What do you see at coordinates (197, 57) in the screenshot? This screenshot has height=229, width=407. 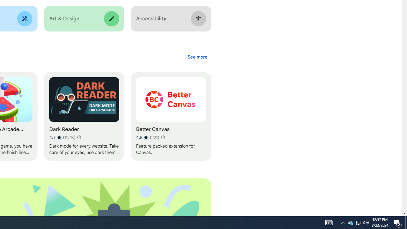 I see `'See more personalized recommendations'` at bounding box center [197, 57].